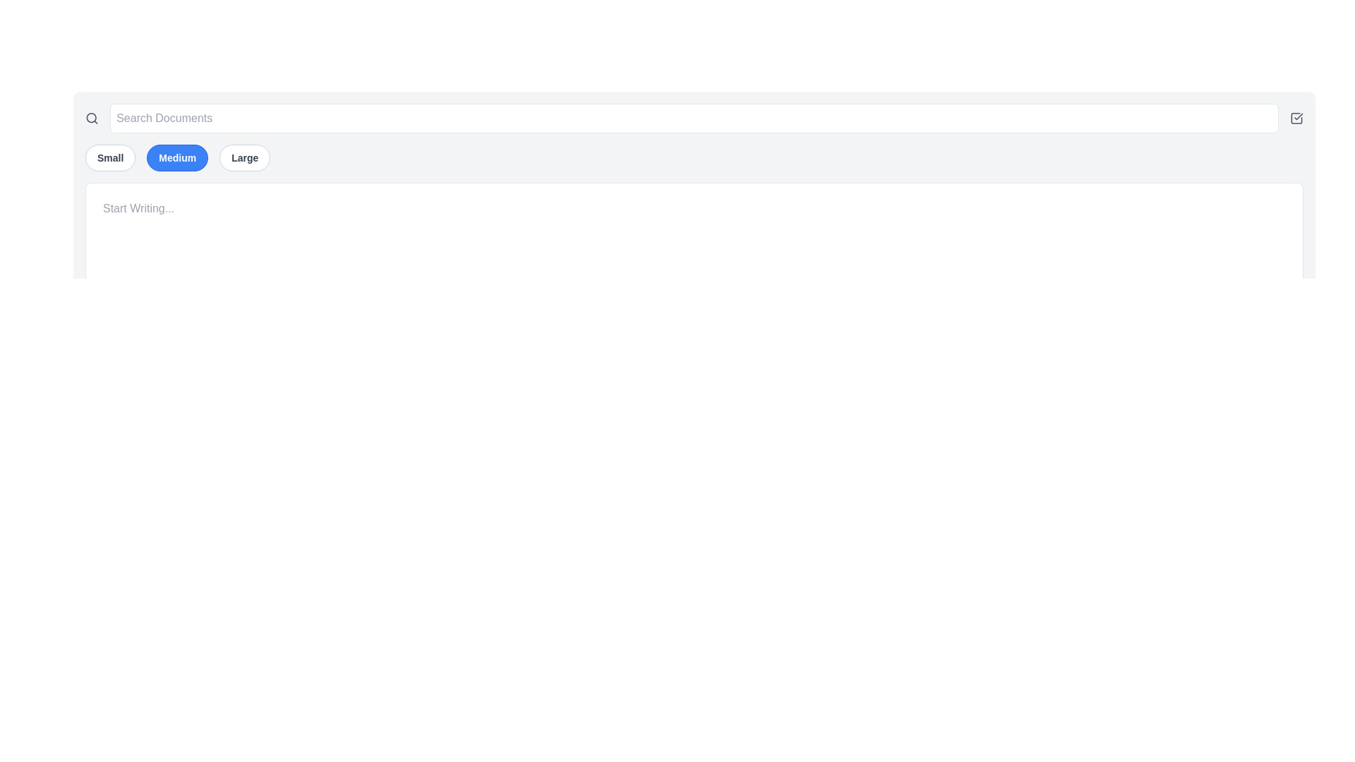 Image resolution: width=1355 pixels, height=762 pixels. I want to click on the rightmost button labeled 'Large', so click(245, 157).